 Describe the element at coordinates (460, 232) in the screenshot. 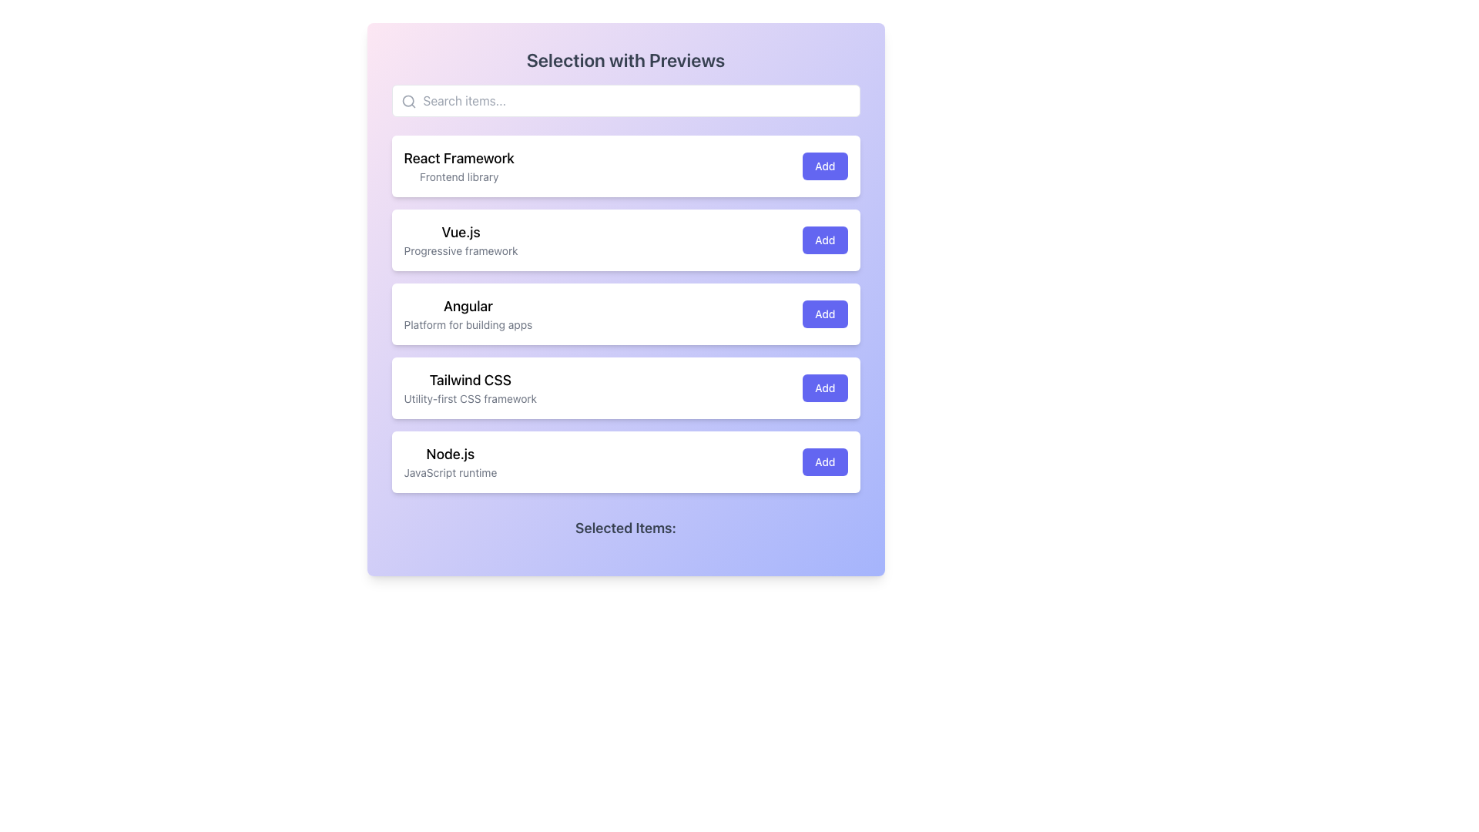

I see `the static text label that indicates the second option in the framework selection list, positioned between 'React Framework' and 'Angular.'` at that location.